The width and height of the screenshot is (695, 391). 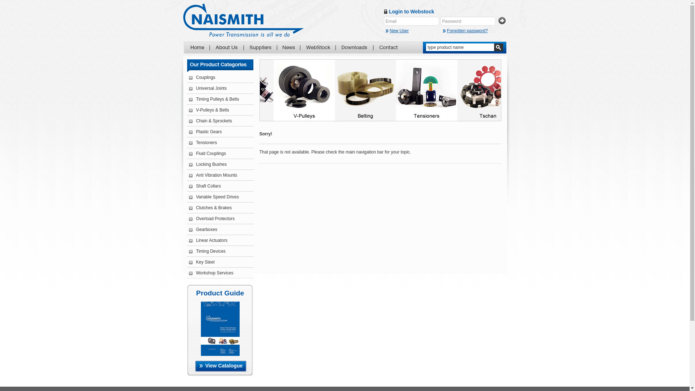 I want to click on 'NaismithEngineering', so click(x=243, y=20).